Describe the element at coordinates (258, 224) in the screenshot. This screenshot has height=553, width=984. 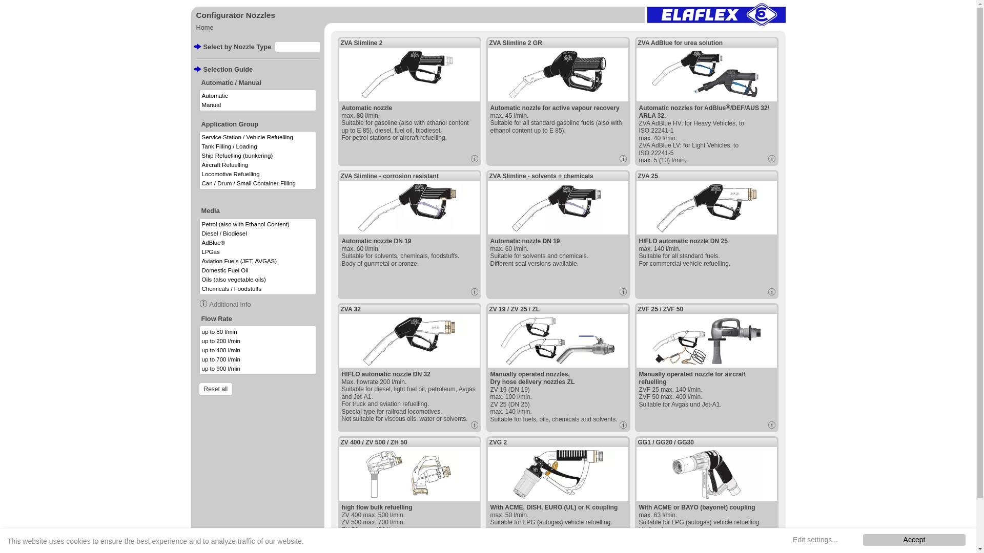
I see `'Petrol (also with Ethanol Content)'` at that location.